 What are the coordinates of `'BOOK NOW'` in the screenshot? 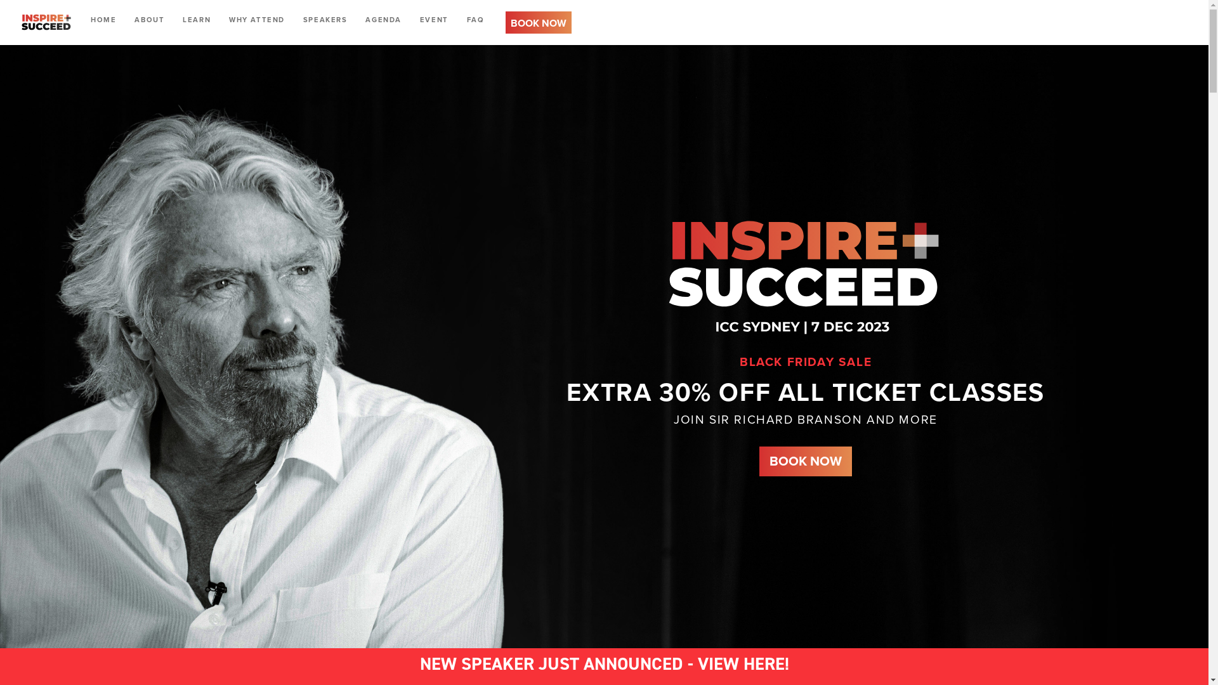 It's located at (539, 22).